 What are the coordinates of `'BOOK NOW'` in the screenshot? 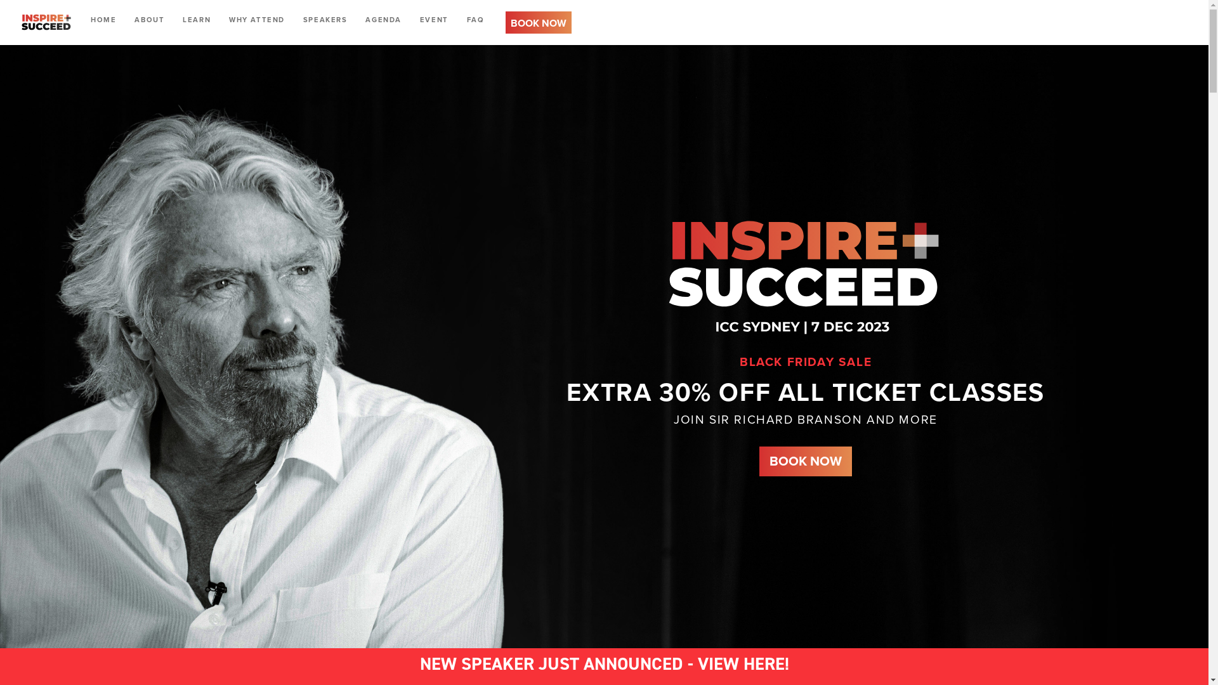 It's located at (539, 22).